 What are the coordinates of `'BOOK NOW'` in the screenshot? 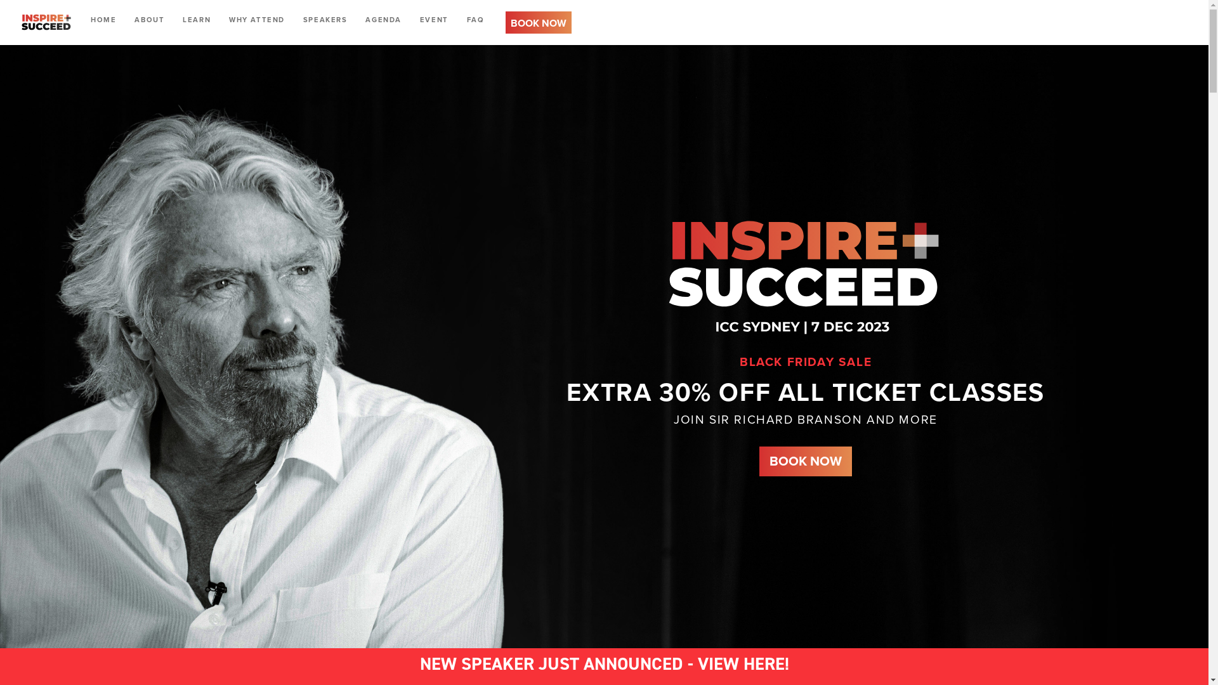 It's located at (539, 22).